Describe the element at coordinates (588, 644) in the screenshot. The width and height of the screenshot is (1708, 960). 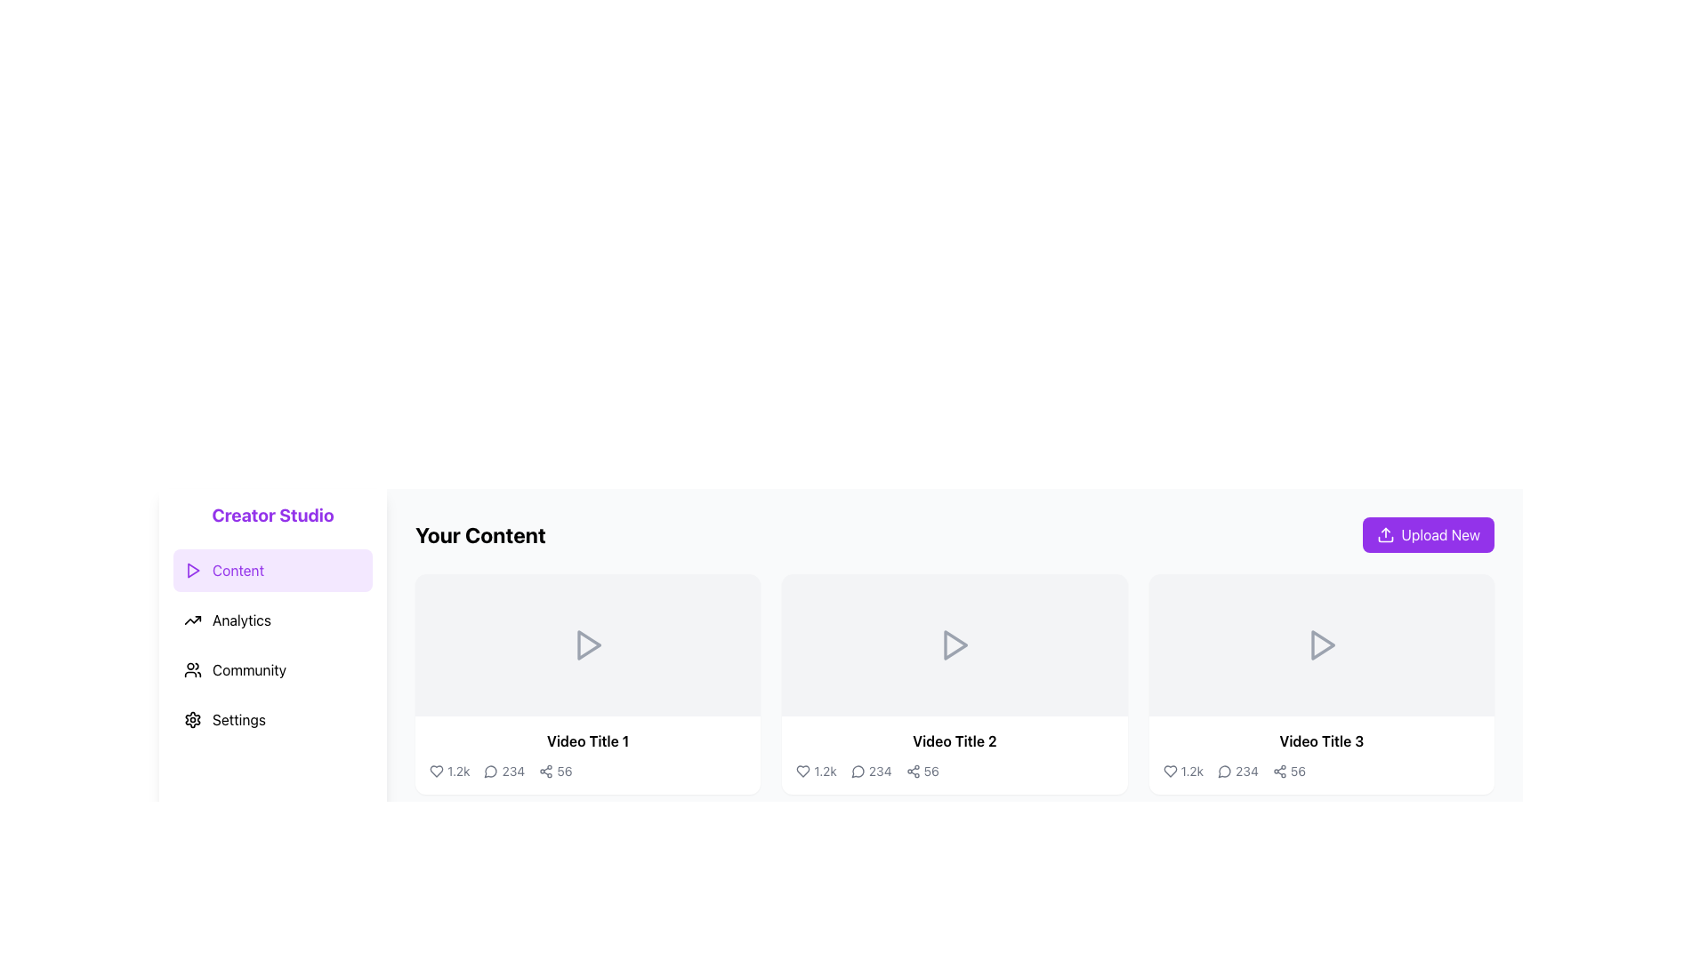
I see `the triangular play icon in the first content card labeled 'Video Title 1'` at that location.